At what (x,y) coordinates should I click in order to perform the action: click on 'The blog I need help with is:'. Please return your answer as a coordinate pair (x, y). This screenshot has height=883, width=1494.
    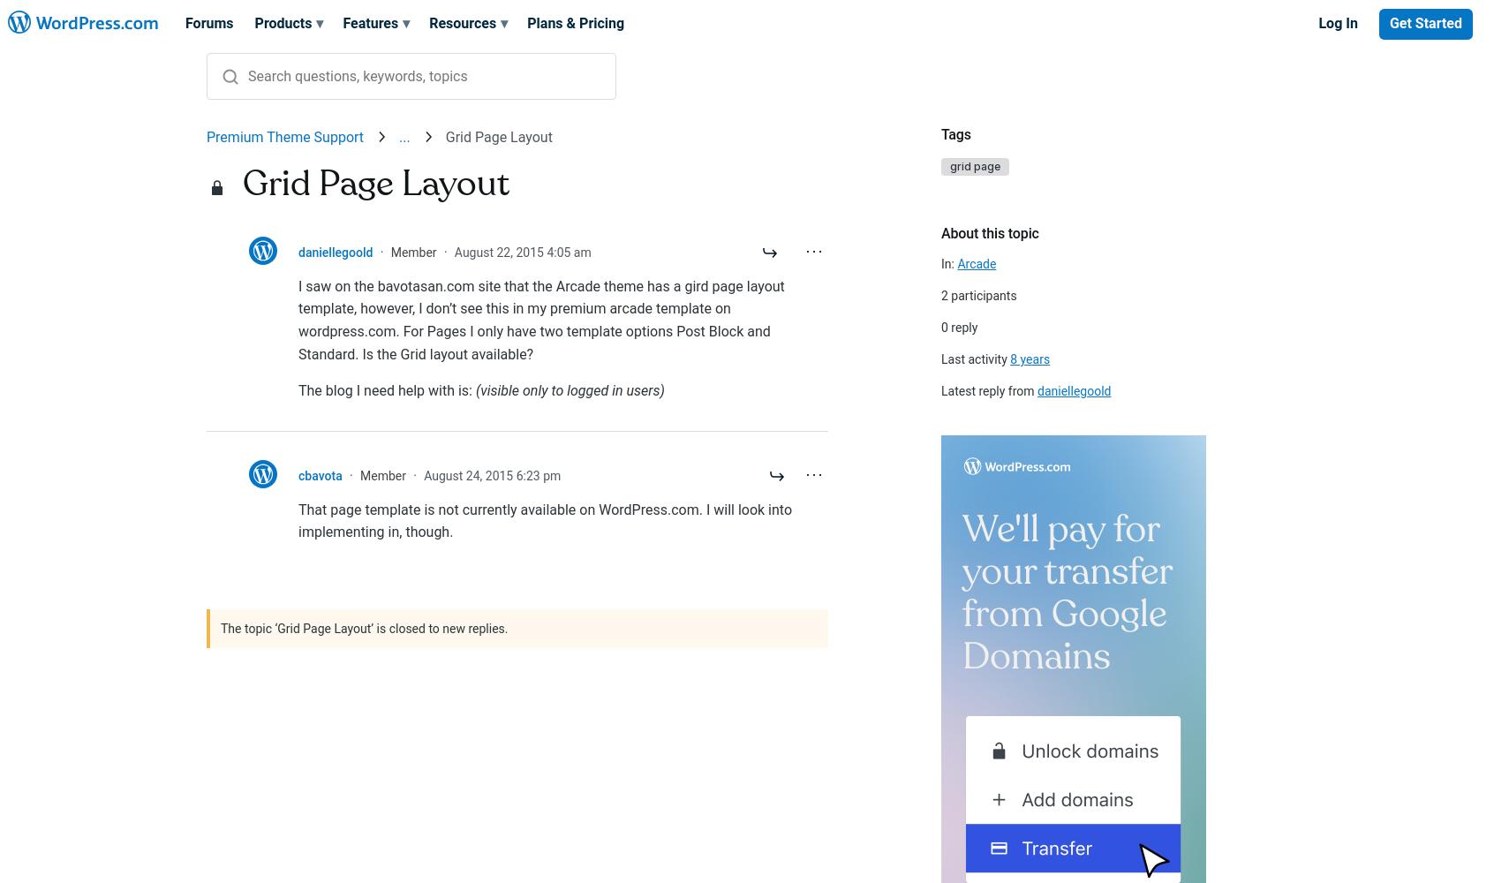
    Looking at the image, I should click on (298, 389).